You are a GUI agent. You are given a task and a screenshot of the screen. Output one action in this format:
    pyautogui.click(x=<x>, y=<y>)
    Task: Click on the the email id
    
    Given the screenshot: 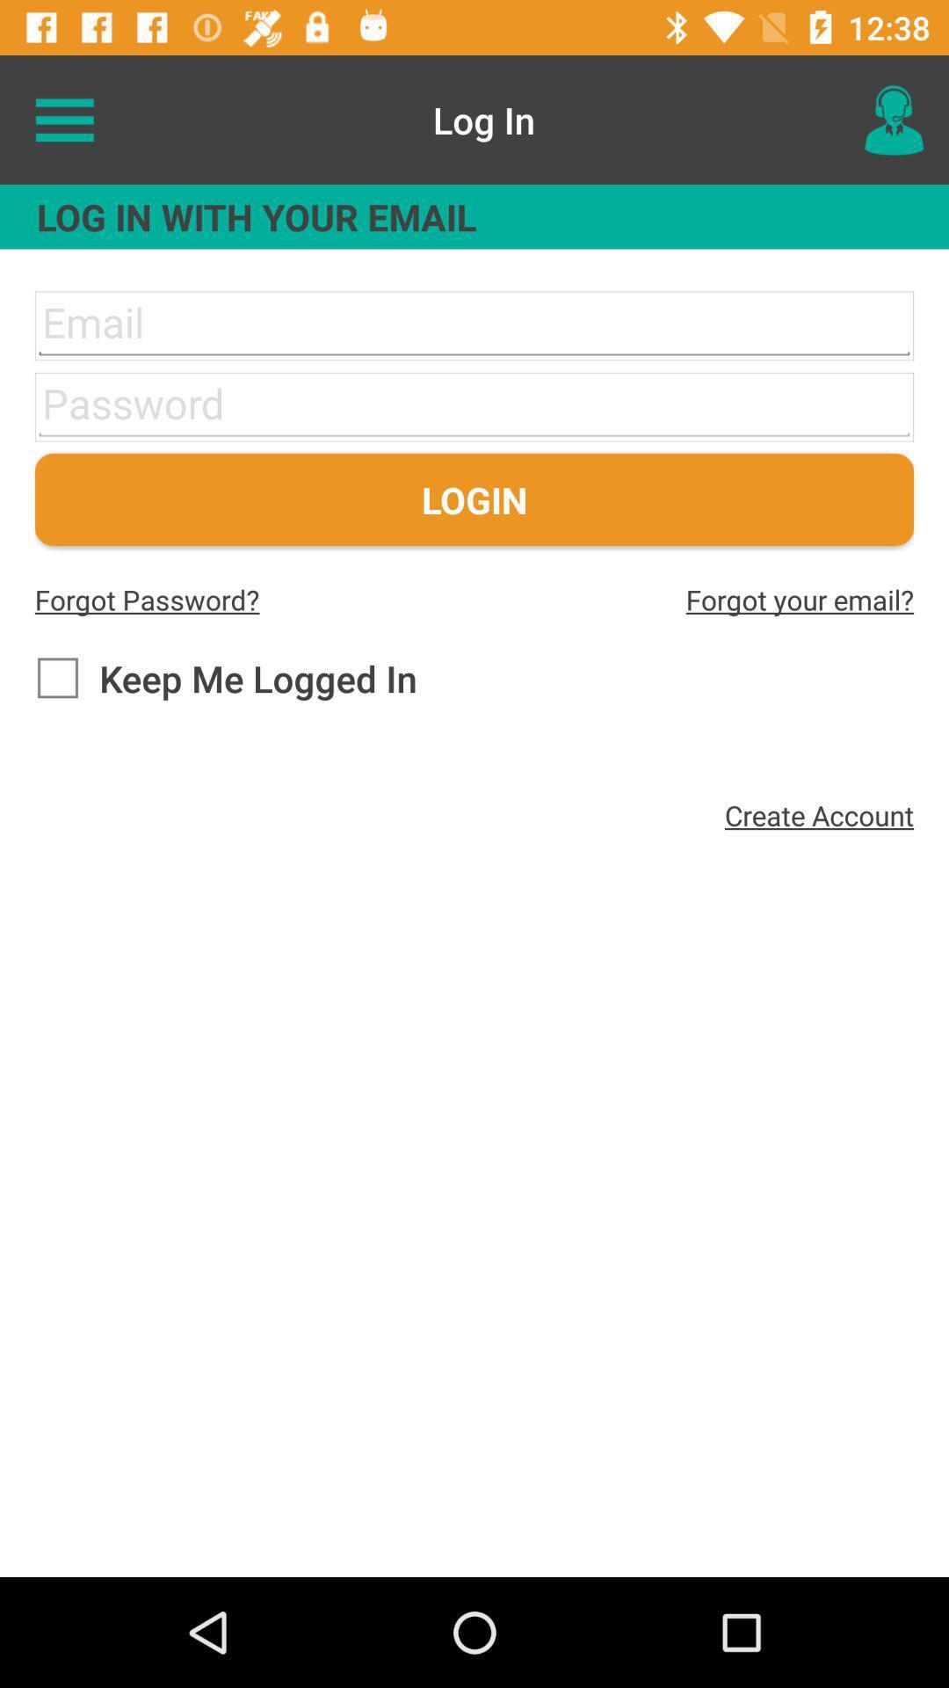 What is the action you would take?
    pyautogui.click(x=474, y=325)
    